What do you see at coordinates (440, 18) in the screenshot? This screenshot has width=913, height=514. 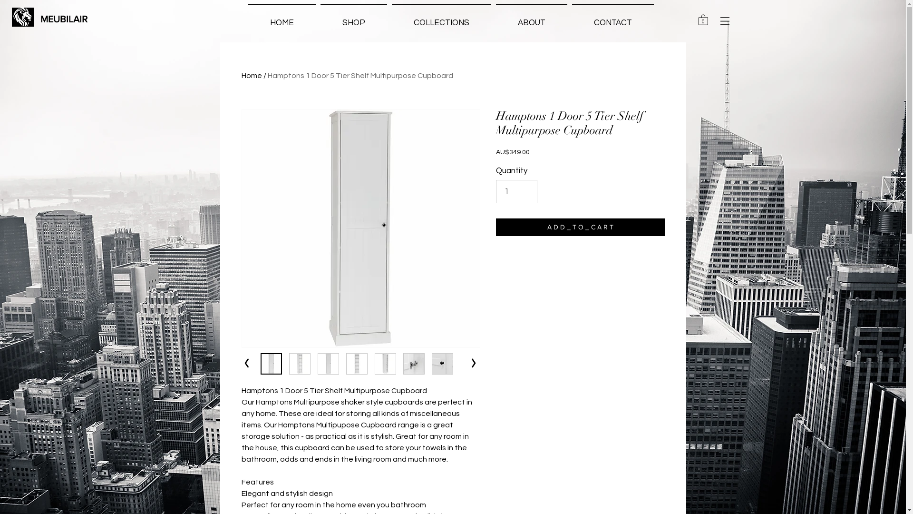 I see `'COLLECTIONS'` at bounding box center [440, 18].